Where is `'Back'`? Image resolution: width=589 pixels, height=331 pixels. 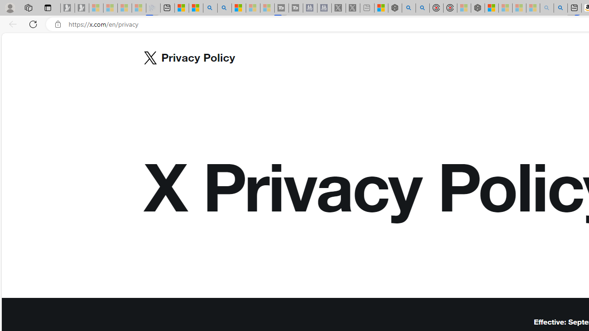 'Back' is located at coordinates (11, 23).